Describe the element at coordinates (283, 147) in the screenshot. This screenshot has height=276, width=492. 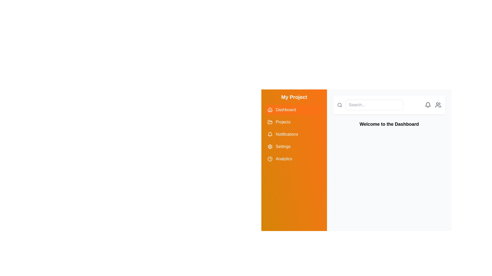
I see `the 'Settings' text label located in the sidebar menu, which is displayed in white on an orange rectangular background, positioned beneath 'Notifications' and above 'Analytics'` at that location.